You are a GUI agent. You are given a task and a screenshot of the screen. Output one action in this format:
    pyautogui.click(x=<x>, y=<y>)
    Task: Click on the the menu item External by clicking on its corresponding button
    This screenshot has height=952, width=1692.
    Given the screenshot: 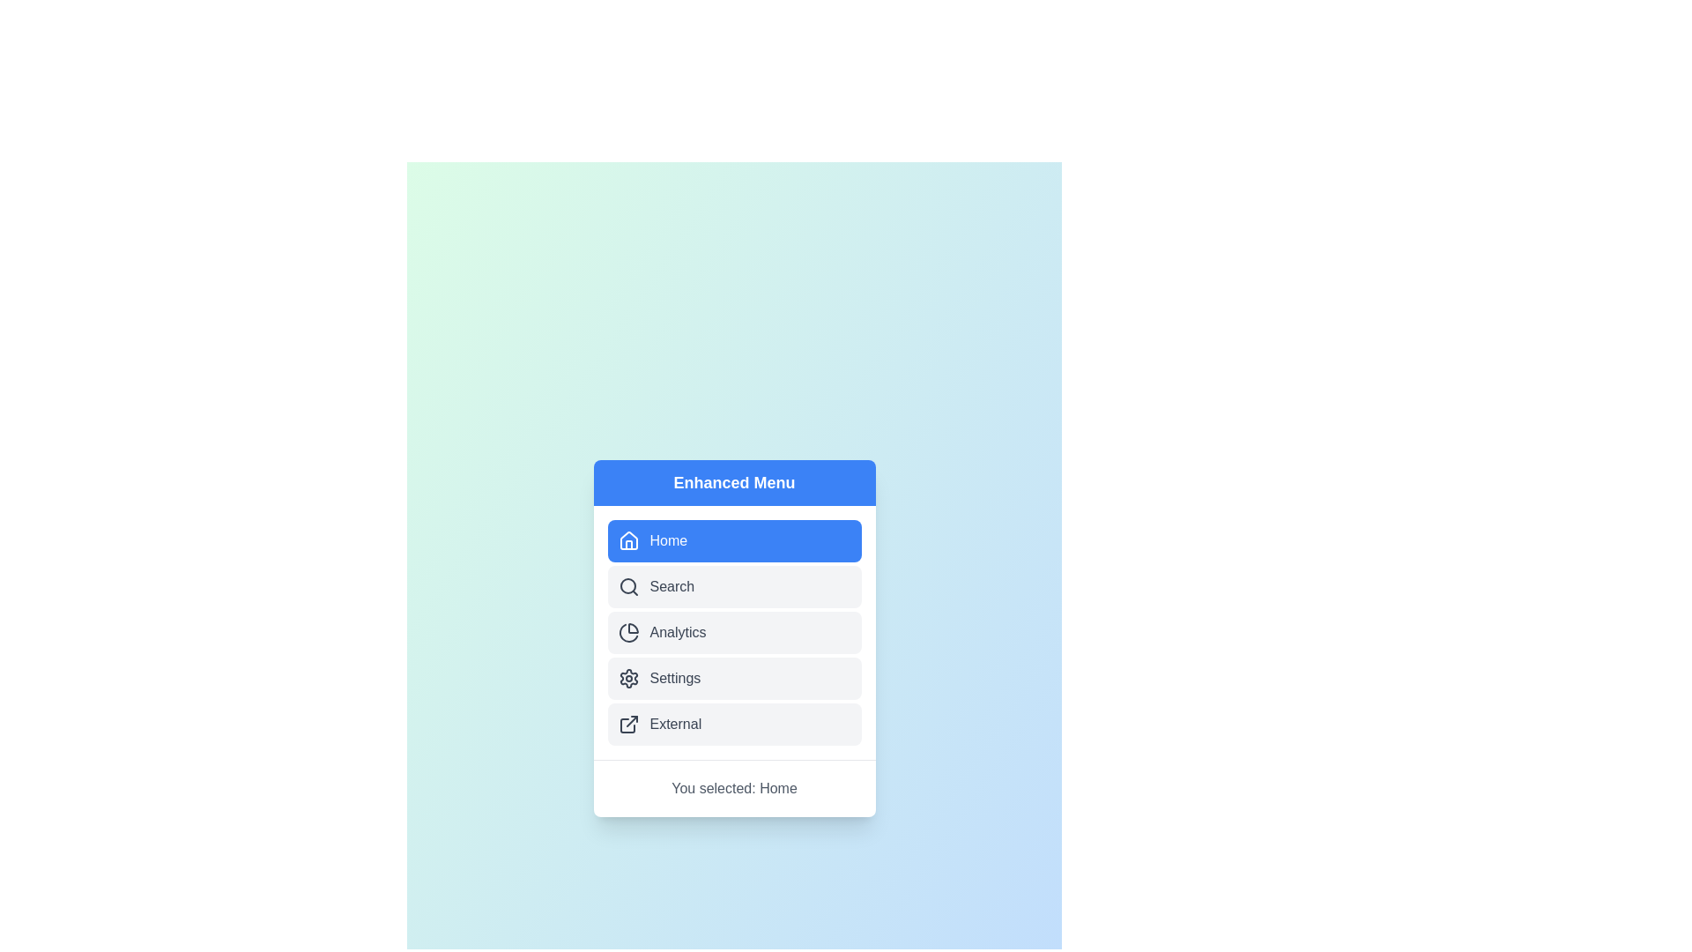 What is the action you would take?
    pyautogui.click(x=734, y=724)
    